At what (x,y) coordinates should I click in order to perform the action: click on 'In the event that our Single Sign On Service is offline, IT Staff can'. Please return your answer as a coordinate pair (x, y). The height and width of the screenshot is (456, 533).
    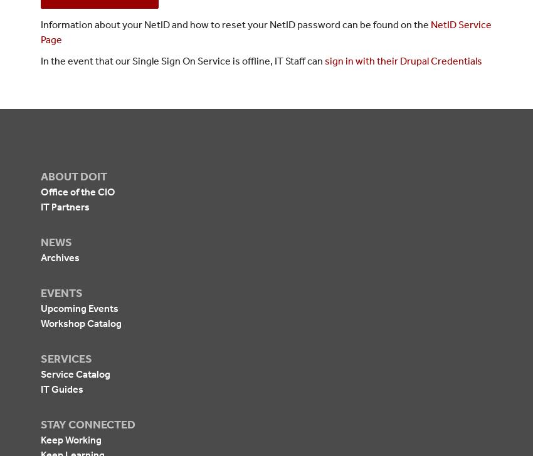
    Looking at the image, I should click on (182, 60).